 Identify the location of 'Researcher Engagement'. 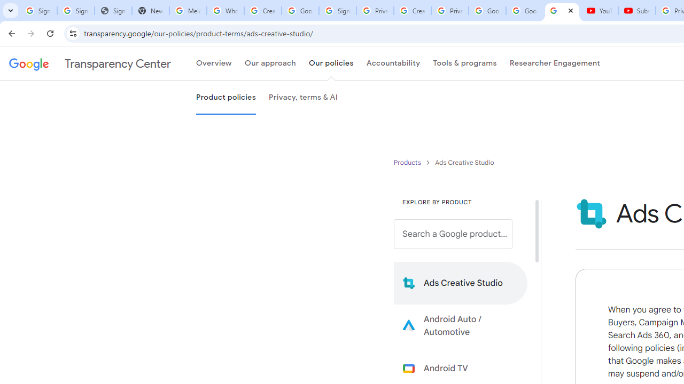
(555, 63).